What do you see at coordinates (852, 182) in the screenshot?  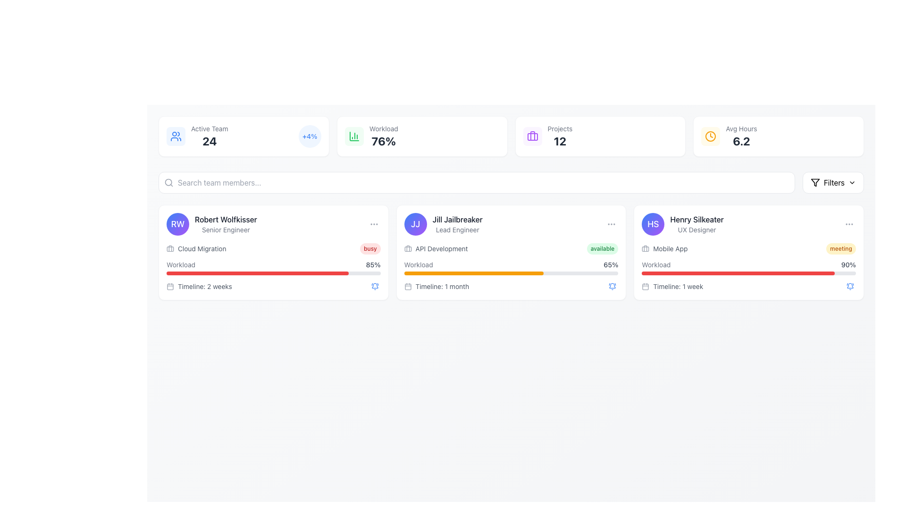 I see `the Dropdown indicator icon (chevron-down) located at the far right of the 'Filters' button in the top-right corner of the interface to initiate interaction` at bounding box center [852, 182].